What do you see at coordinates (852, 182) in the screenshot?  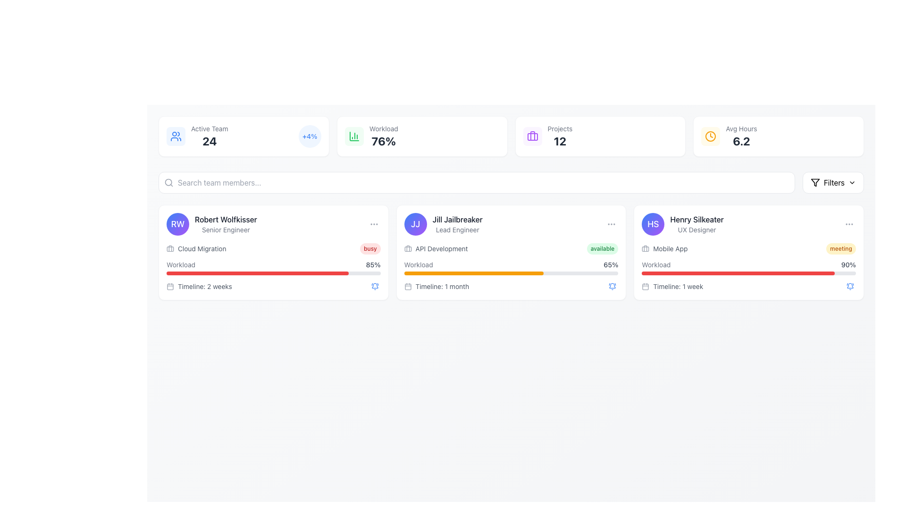 I see `the Dropdown indicator icon (chevron-down) located at the far right of the 'Filters' button in the top-right corner of the interface to initiate interaction` at bounding box center [852, 182].